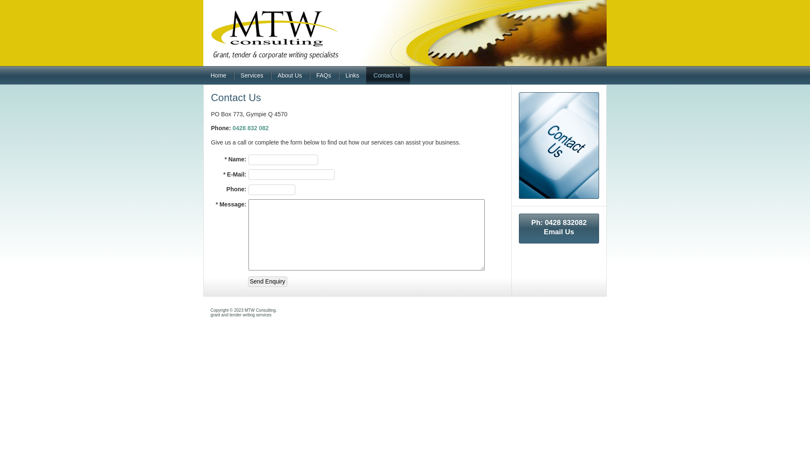 The width and height of the screenshot is (810, 455). I want to click on 'Contact Us', so click(387, 75).